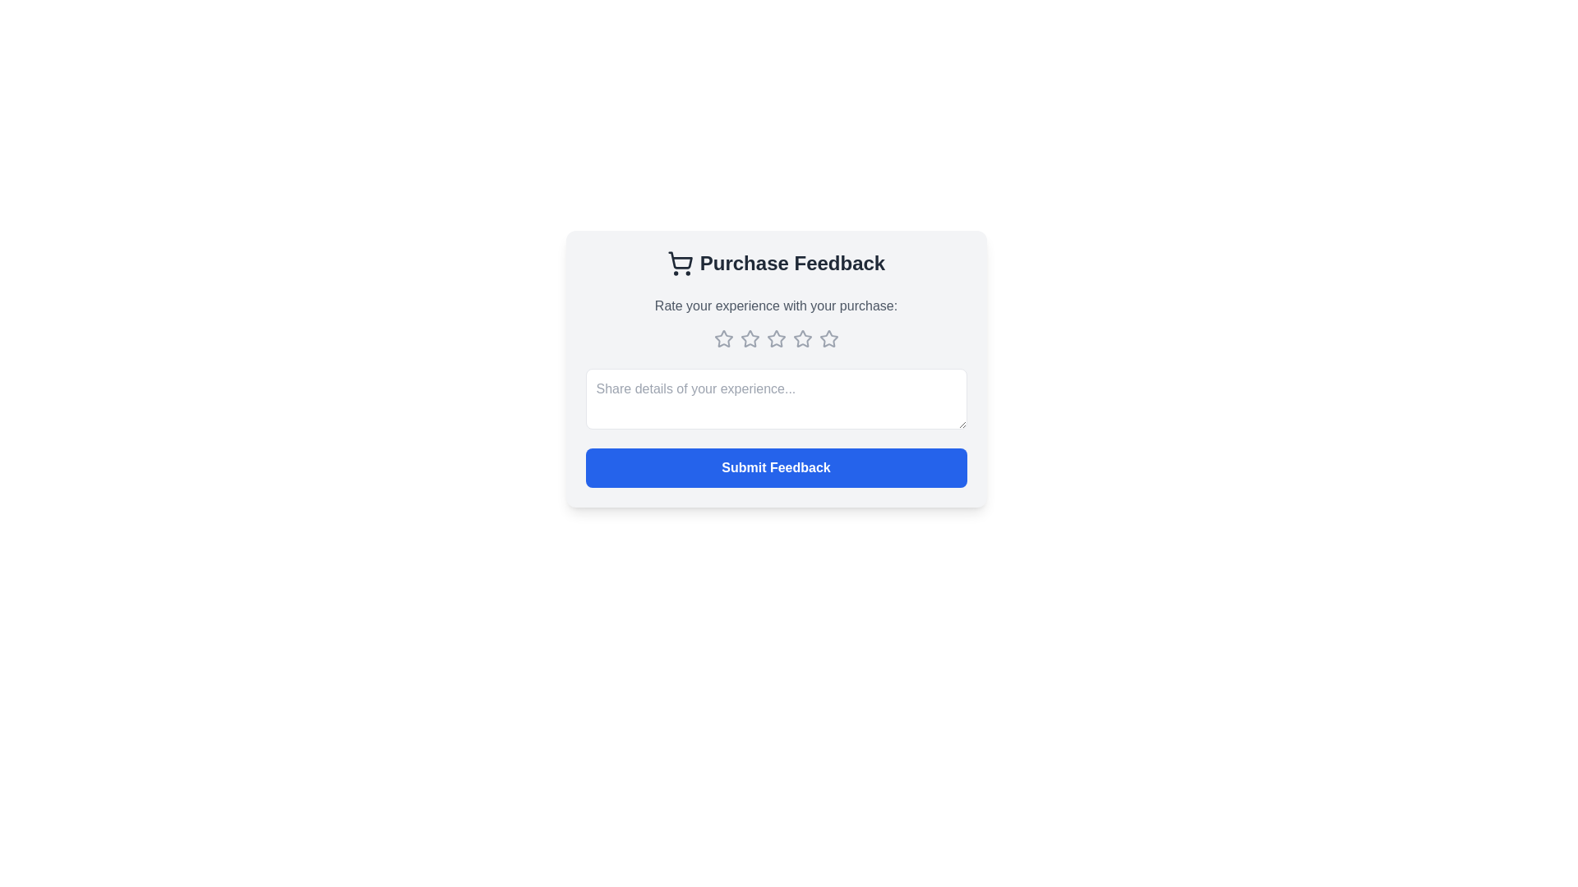 The height and width of the screenshot is (887, 1578). Describe the element at coordinates (749, 338) in the screenshot. I see `the second gray star icon, which is outlined and part of a horizontal group of five star icons` at that location.